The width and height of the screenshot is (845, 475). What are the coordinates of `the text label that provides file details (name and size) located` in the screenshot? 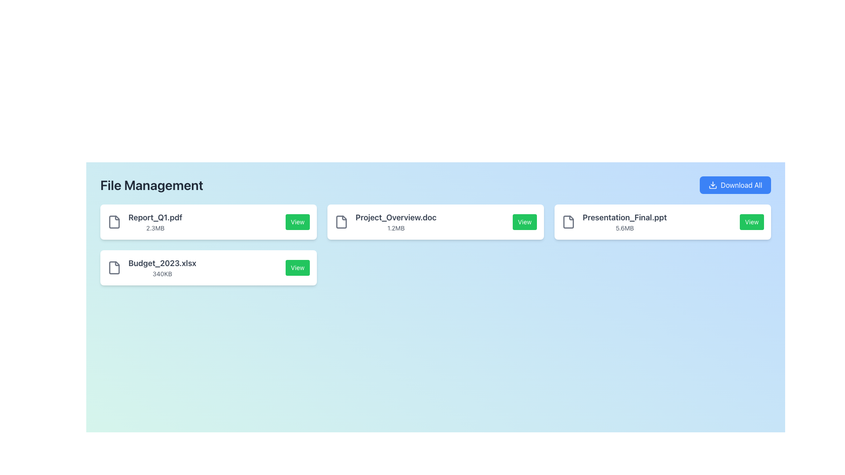 It's located at (155, 222).